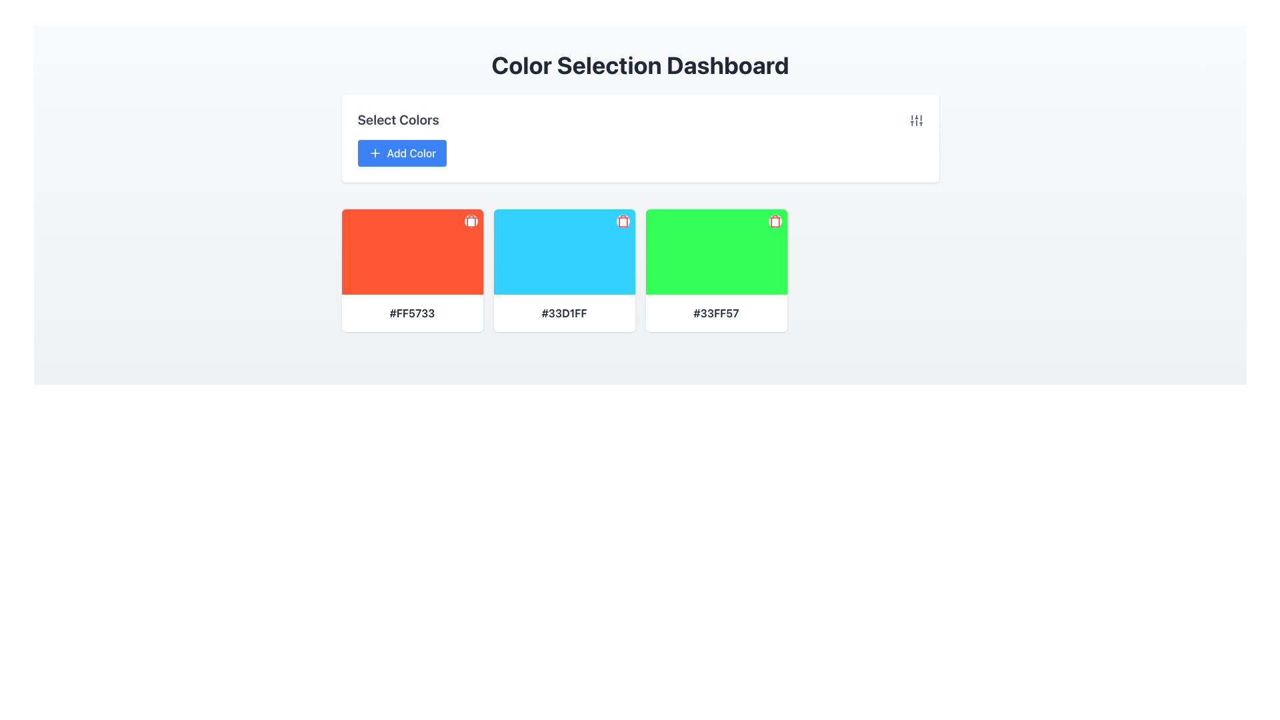 Image resolution: width=1280 pixels, height=720 pixels. What do you see at coordinates (374, 153) in the screenshot?
I see `the small blue cross-shaped icon inside the 'Add Color' button` at bounding box center [374, 153].